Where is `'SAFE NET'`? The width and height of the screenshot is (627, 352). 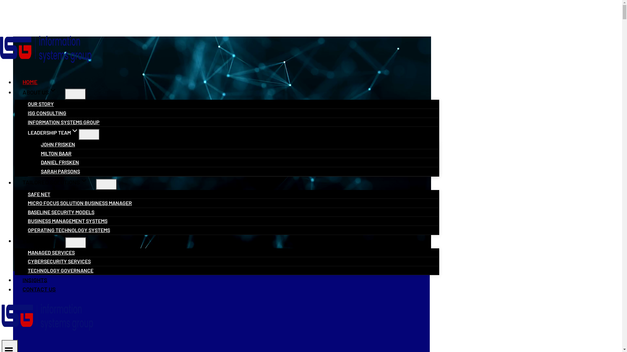 'SAFE NET' is located at coordinates (27, 194).